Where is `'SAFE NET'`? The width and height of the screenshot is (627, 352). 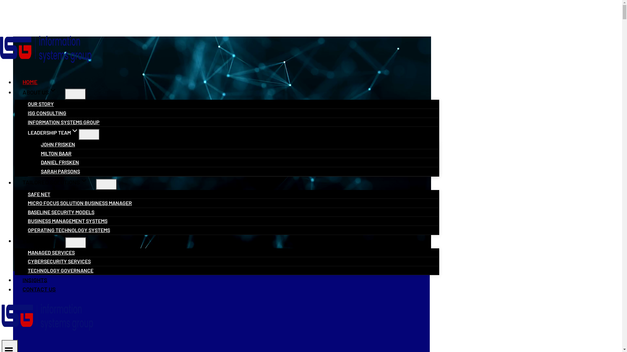 'SAFE NET' is located at coordinates (27, 194).